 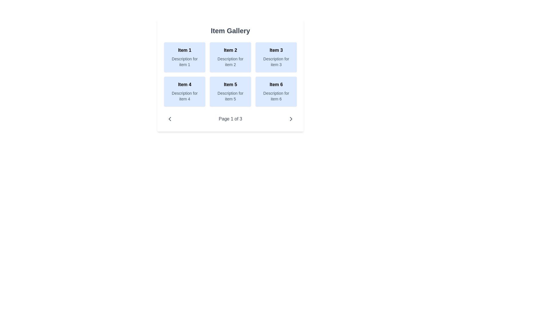 What do you see at coordinates (291, 119) in the screenshot?
I see `the right-facing chevron icon button located at the right end of the pagination controls` at bounding box center [291, 119].